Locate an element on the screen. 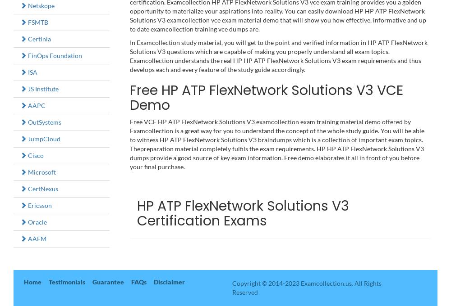 Image resolution: width=451 pixels, height=306 pixels. 'HP ATP FlexNetwork Solutions V3 Certification Exams' is located at coordinates (243, 213).